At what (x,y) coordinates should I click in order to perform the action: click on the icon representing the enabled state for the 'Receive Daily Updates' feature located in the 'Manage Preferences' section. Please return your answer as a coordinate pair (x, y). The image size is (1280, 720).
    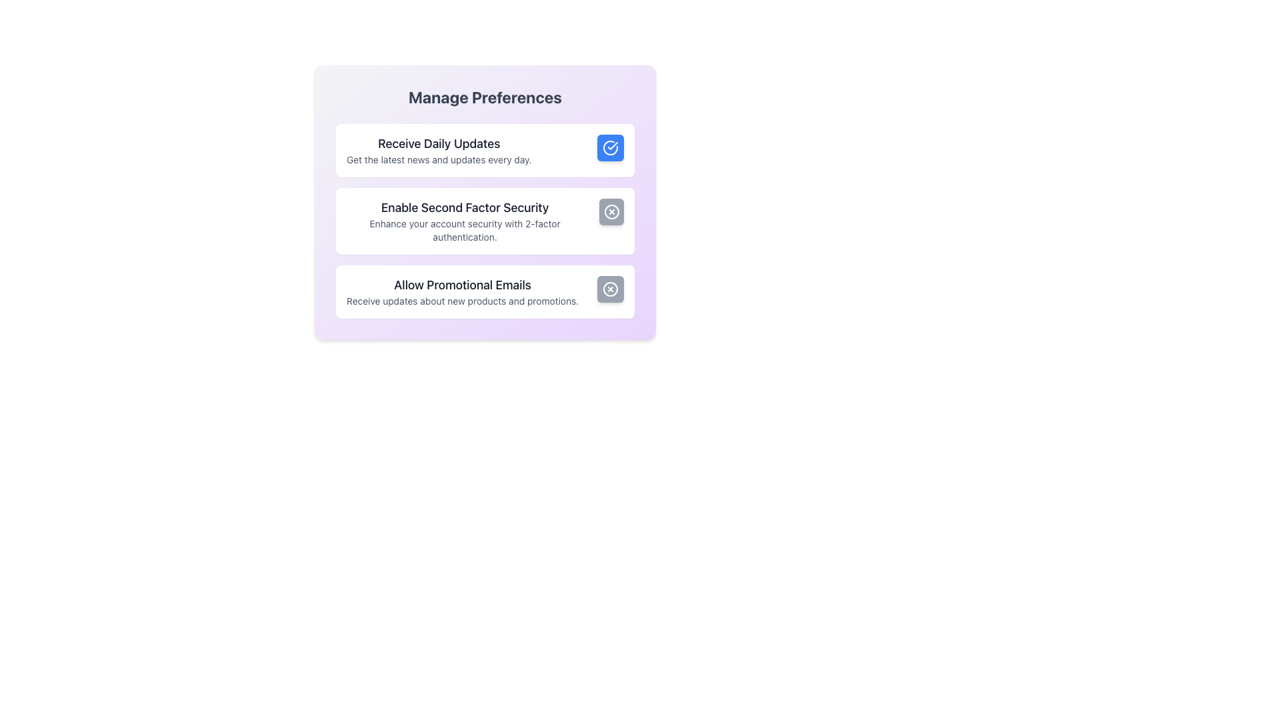
    Looking at the image, I should click on (610, 148).